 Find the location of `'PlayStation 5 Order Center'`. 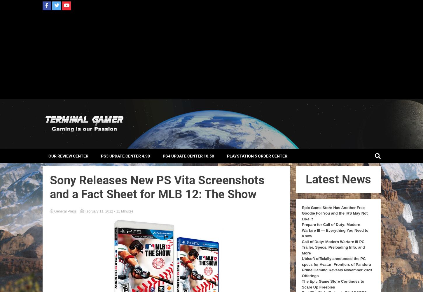

'PlayStation 5 Order Center' is located at coordinates (257, 155).